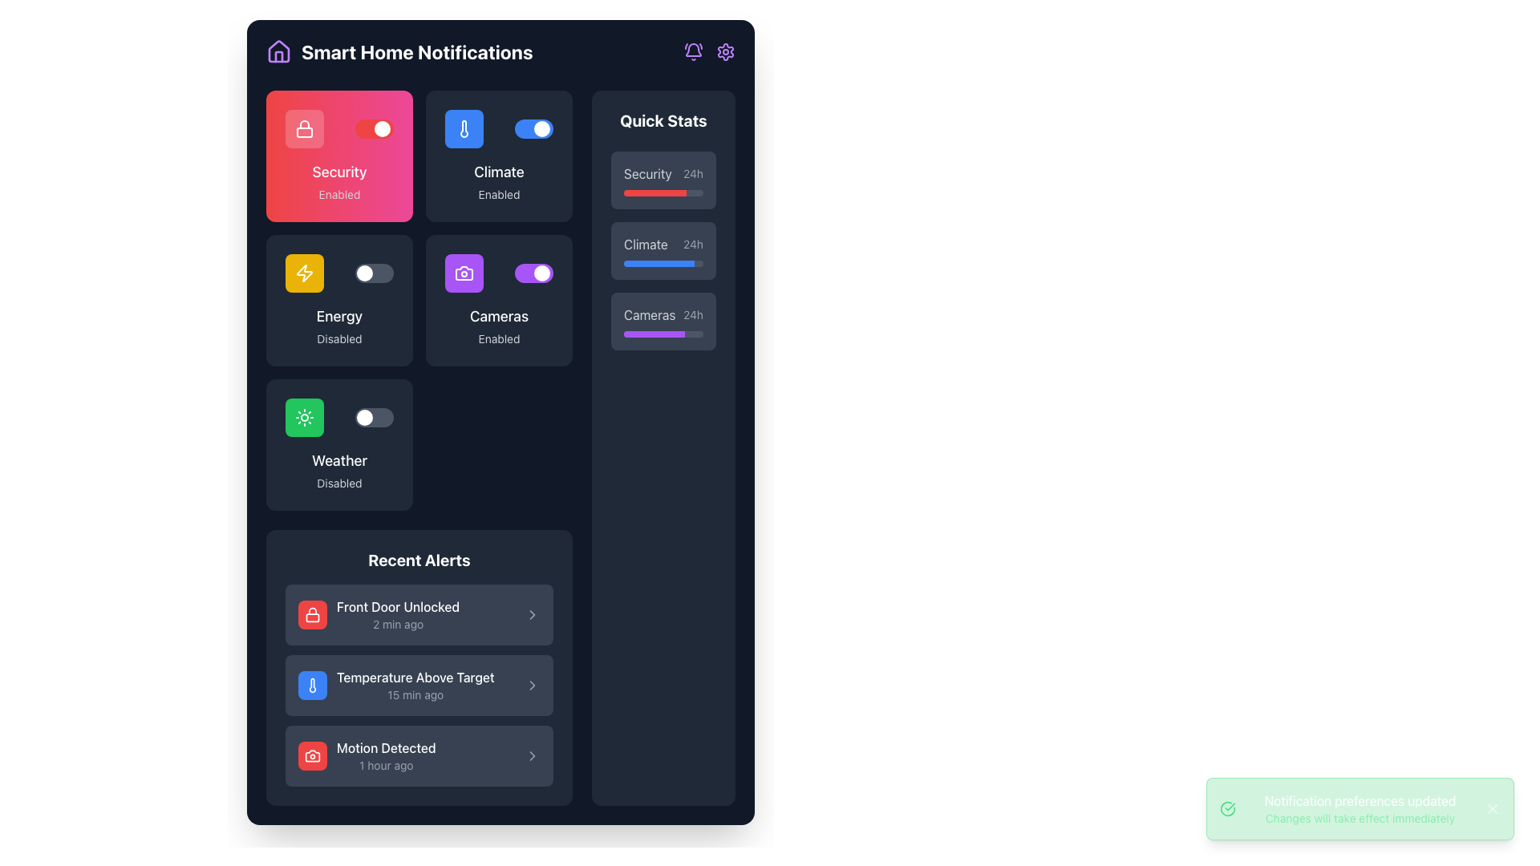 The width and height of the screenshot is (1540, 866). I want to click on the vertically-oriented thermometer icon located in the Climate section card, which is positioned to the left of the toggle switch and above the label 'Enabled', so click(464, 128).